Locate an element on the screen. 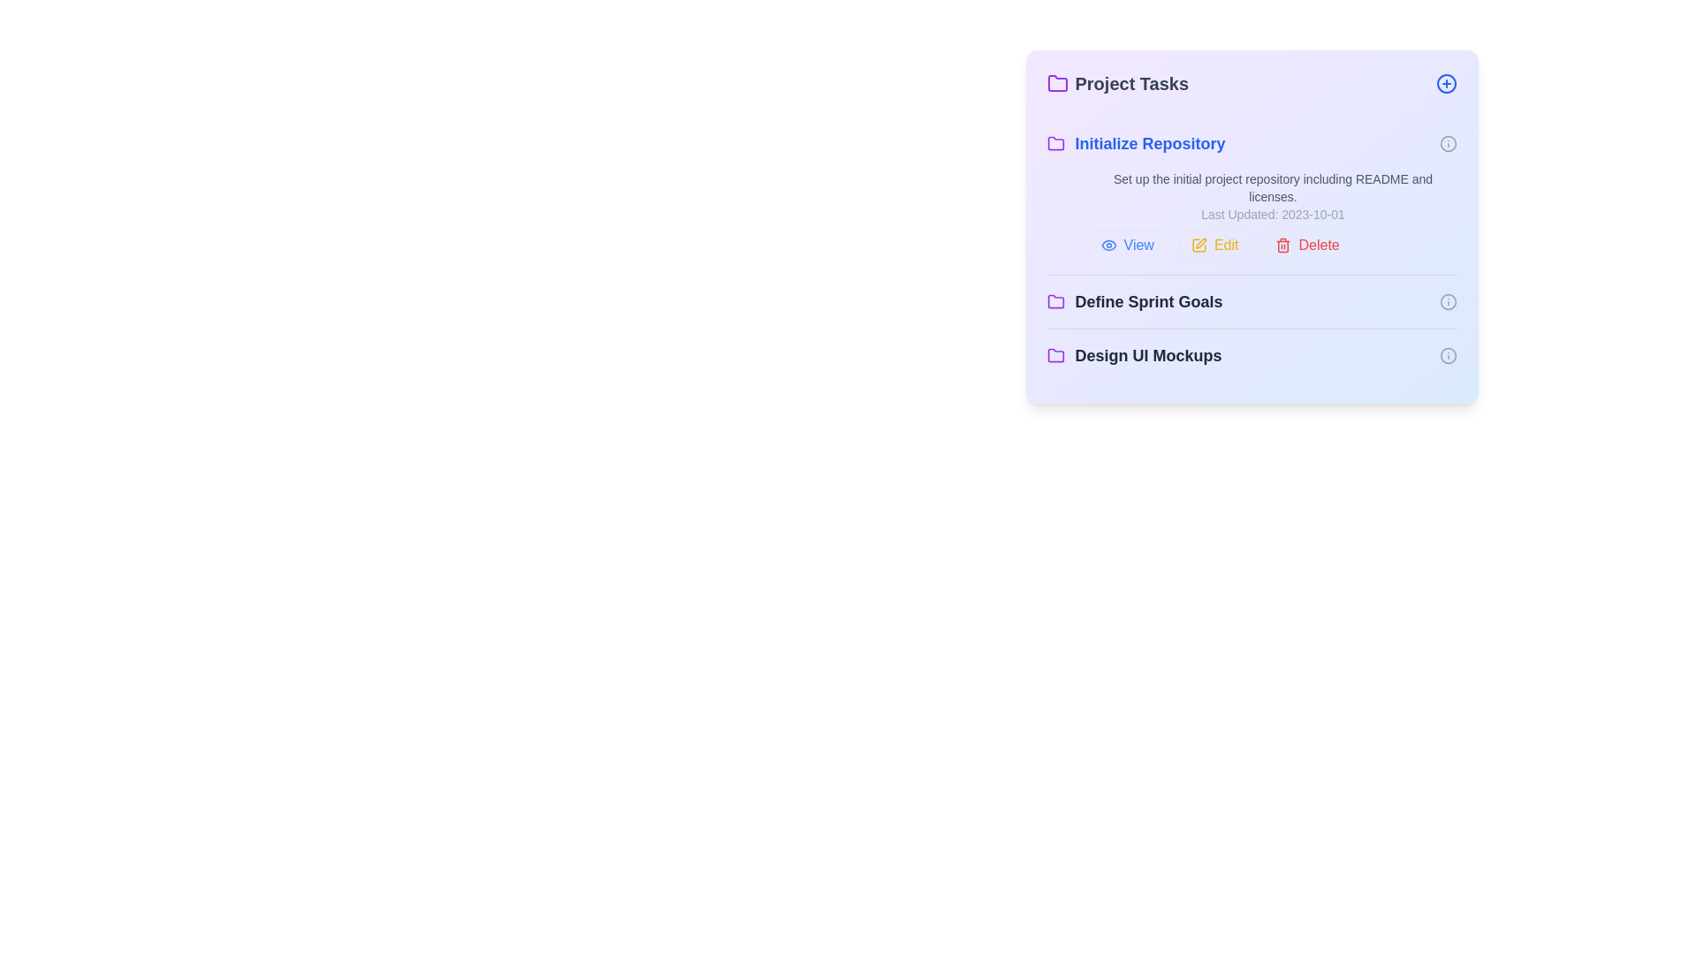  the 'Edit' button, which is the second button under the 'Initialize Repository' section is located at coordinates (1214, 245).